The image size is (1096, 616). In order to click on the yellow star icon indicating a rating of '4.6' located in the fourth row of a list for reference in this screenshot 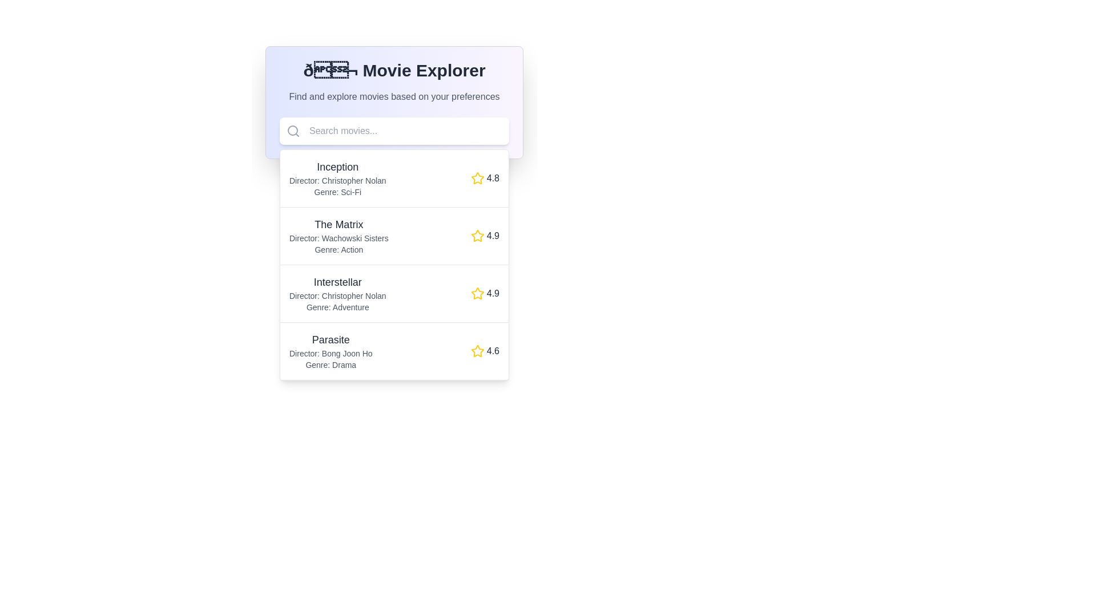, I will do `click(477, 351)`.